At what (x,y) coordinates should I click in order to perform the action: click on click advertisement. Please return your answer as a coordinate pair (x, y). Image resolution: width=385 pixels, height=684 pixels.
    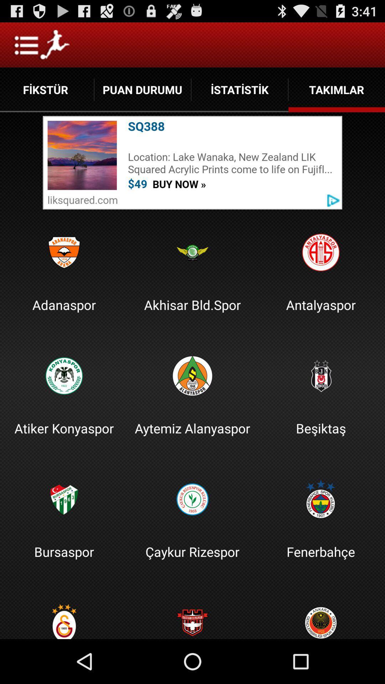
    Looking at the image, I should click on (192, 162).